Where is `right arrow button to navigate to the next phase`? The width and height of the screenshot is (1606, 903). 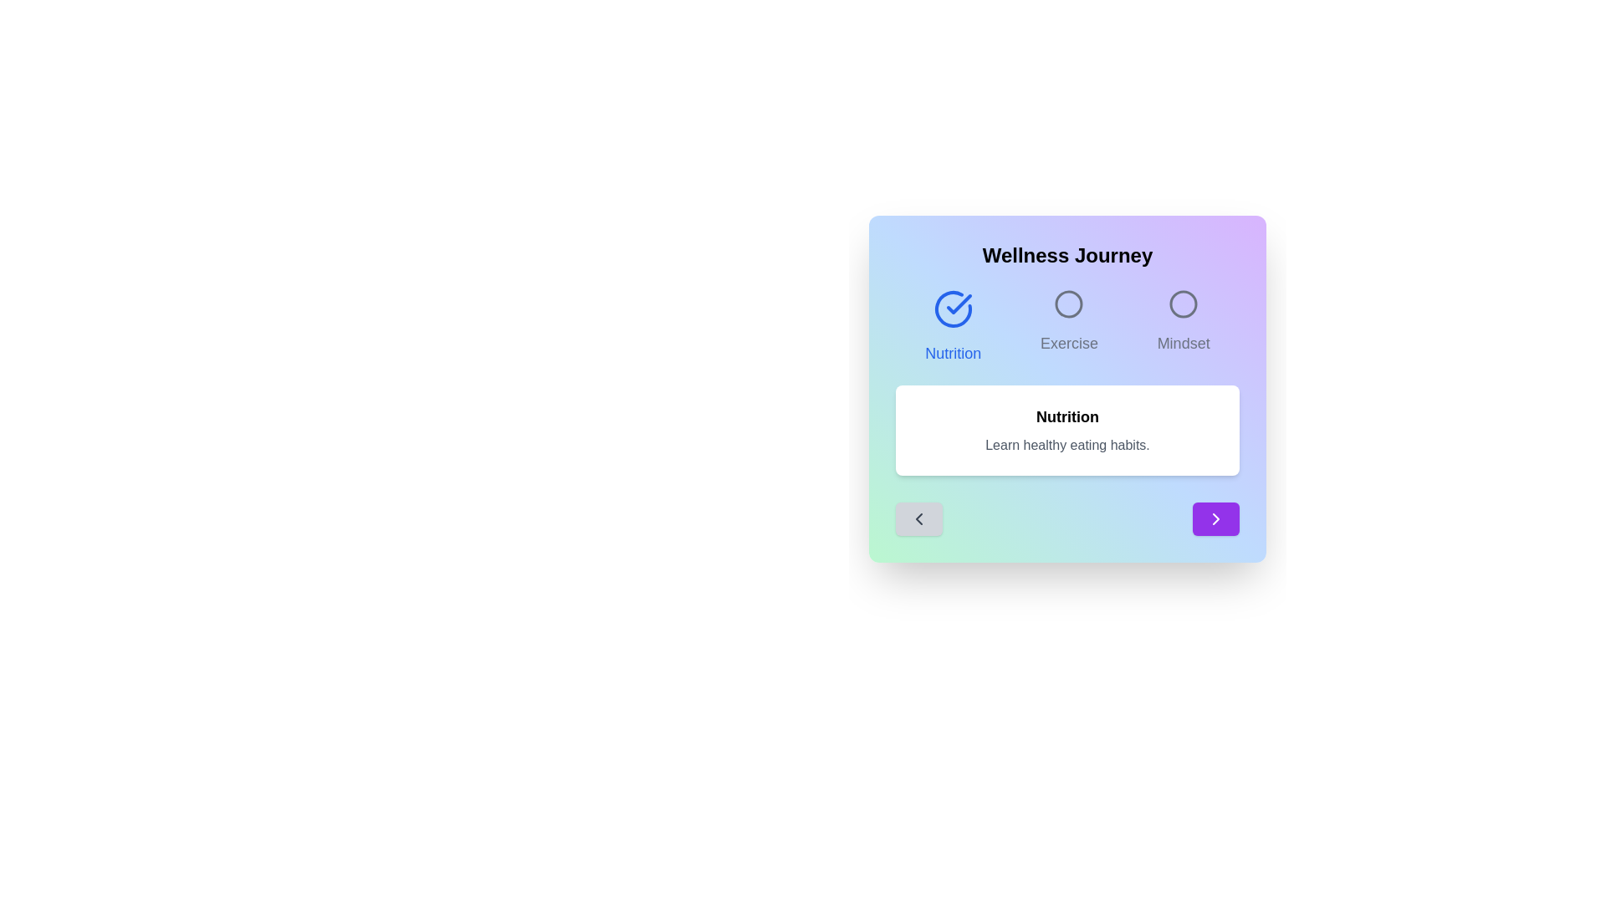
right arrow button to navigate to the next phase is located at coordinates (1216, 518).